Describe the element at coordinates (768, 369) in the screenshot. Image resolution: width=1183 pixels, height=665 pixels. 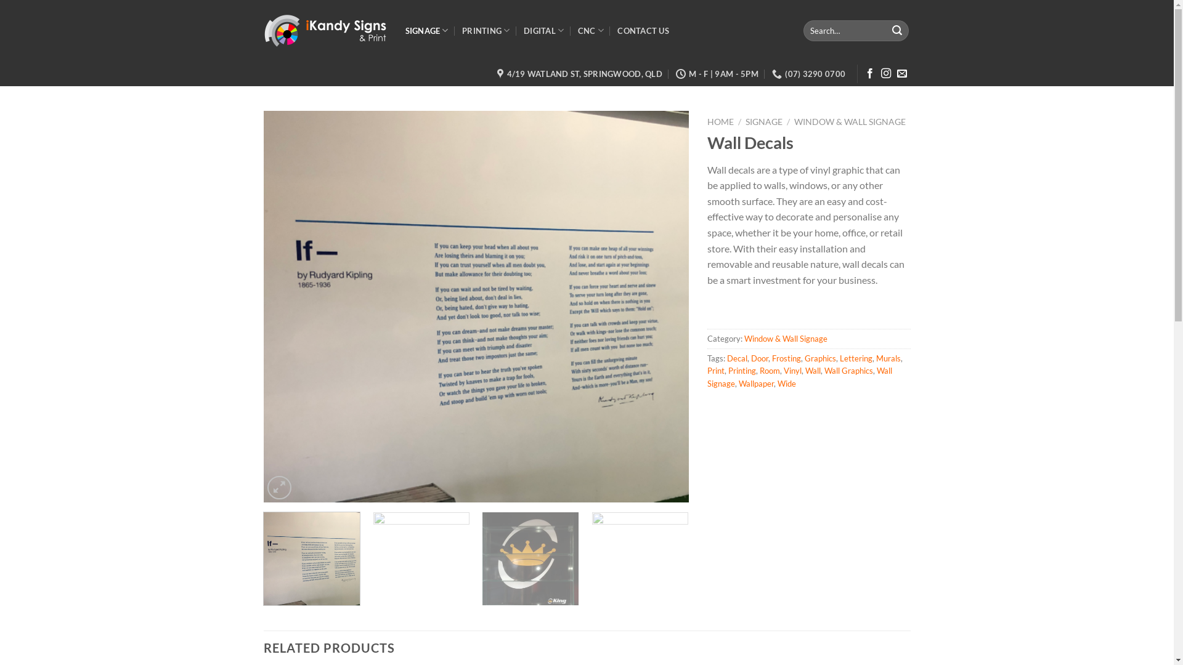
I see `'Room'` at that location.